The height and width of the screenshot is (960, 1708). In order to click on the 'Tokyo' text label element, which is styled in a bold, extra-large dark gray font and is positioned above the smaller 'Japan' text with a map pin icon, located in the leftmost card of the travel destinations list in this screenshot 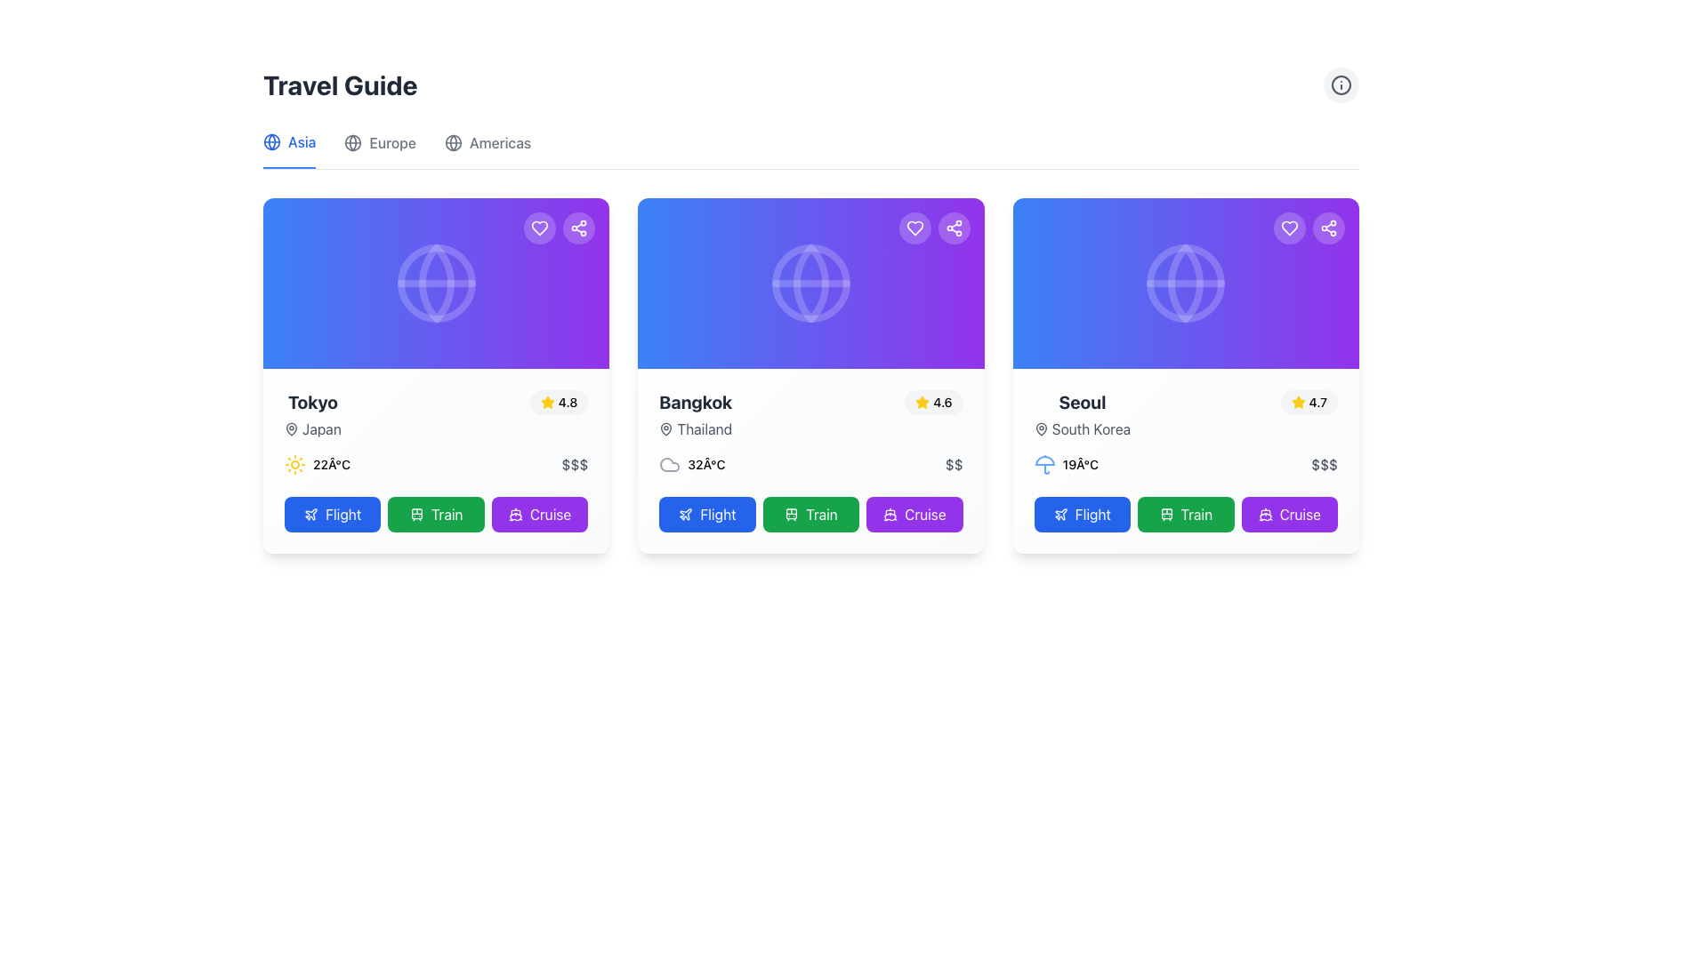, I will do `click(312, 414)`.